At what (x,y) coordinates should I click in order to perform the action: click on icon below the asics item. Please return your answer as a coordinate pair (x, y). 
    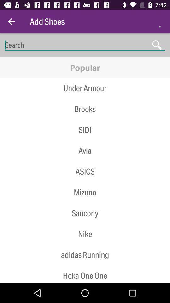
    Looking at the image, I should click on (85, 182).